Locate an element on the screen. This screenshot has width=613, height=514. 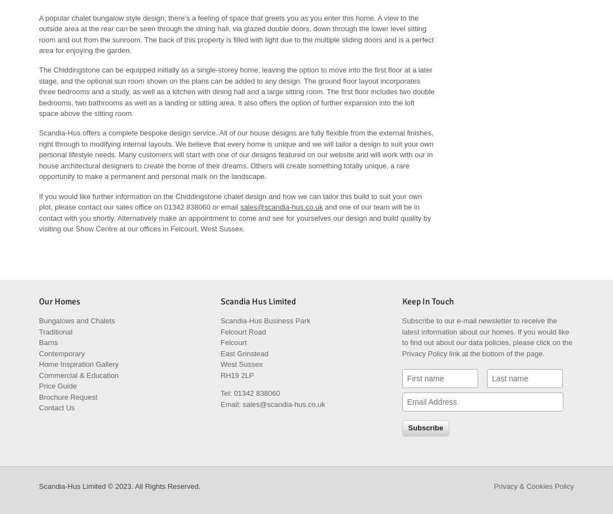
'Commercial & Education' is located at coordinates (38, 375).